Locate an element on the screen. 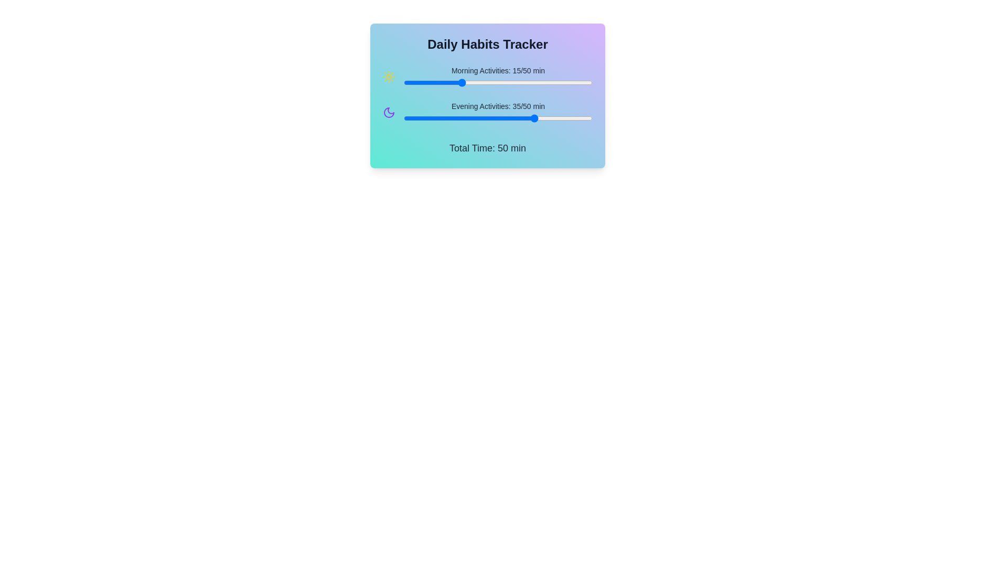  the 'Morning Activities' slider is located at coordinates (430, 82).